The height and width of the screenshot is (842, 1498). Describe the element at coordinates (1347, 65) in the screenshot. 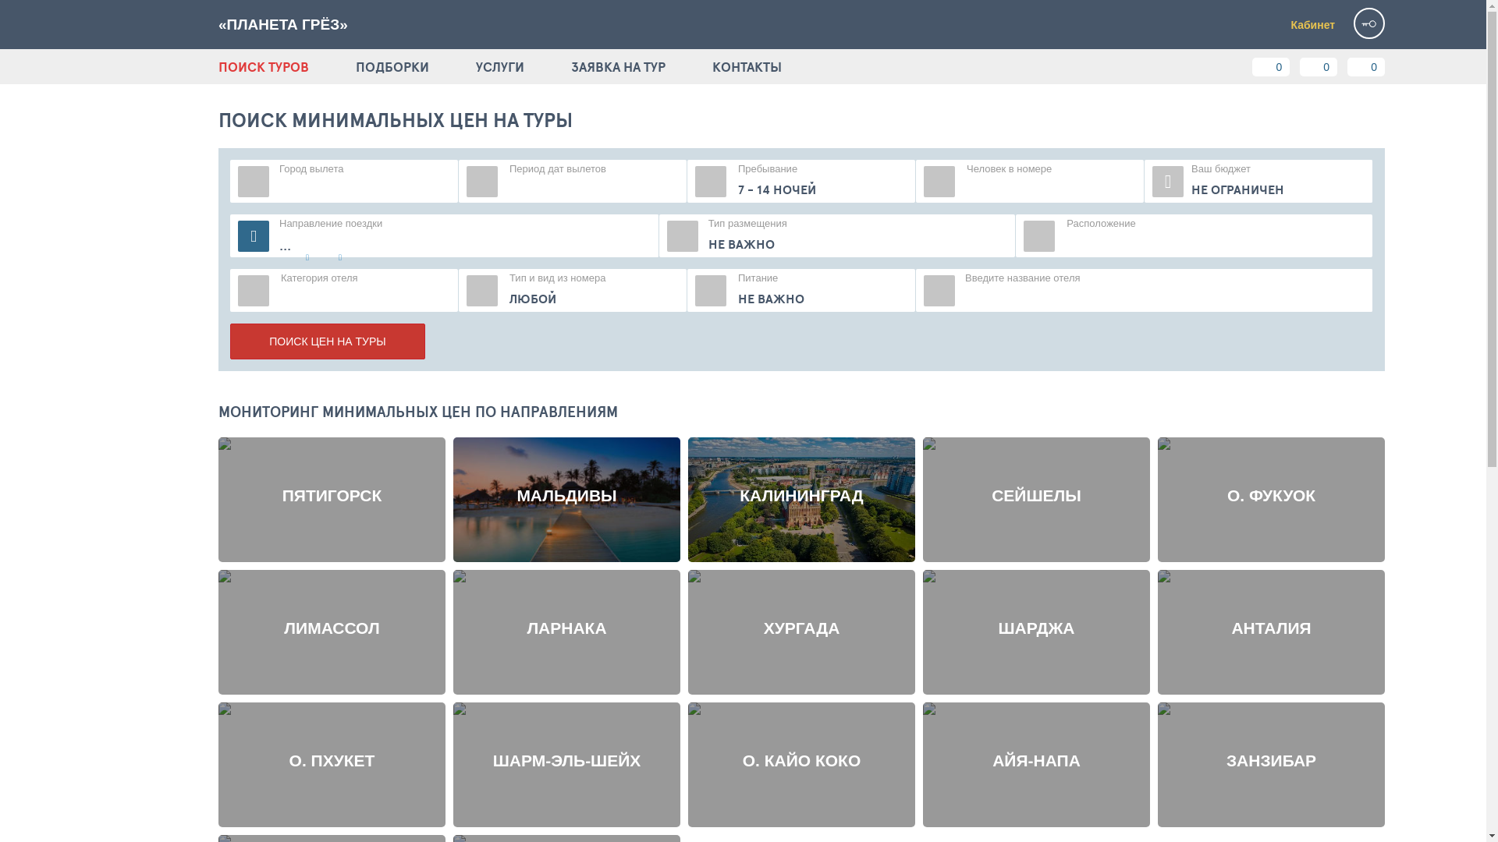

I see `'0'` at that location.